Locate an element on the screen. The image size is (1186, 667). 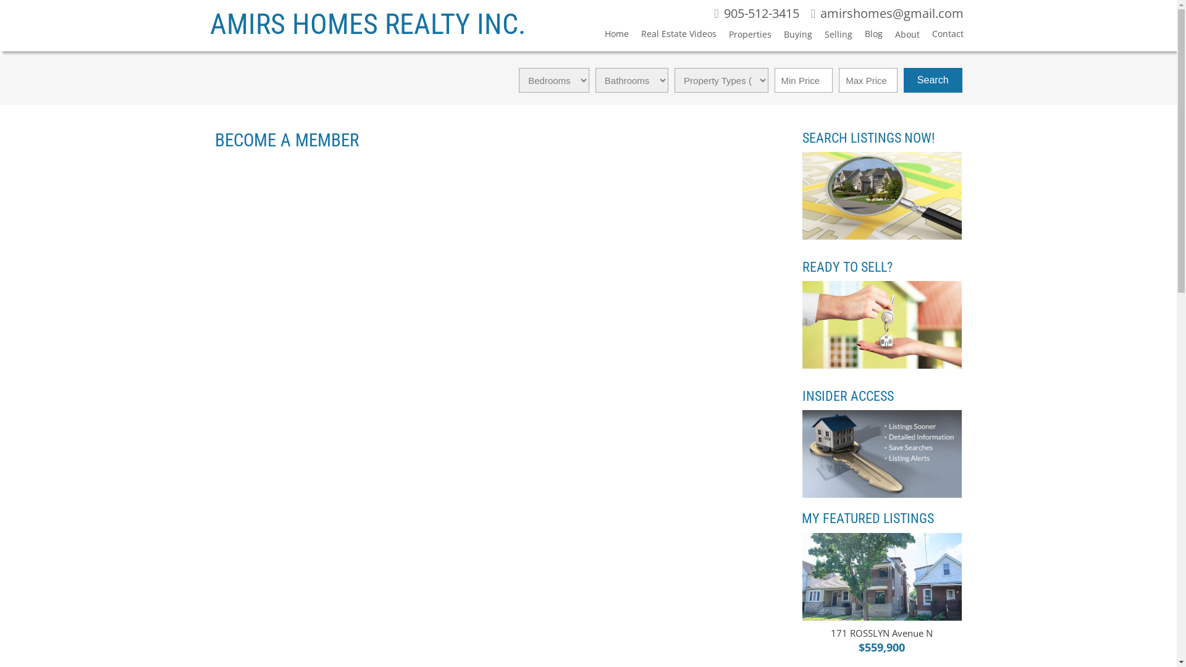
'About' is located at coordinates (901, 36).